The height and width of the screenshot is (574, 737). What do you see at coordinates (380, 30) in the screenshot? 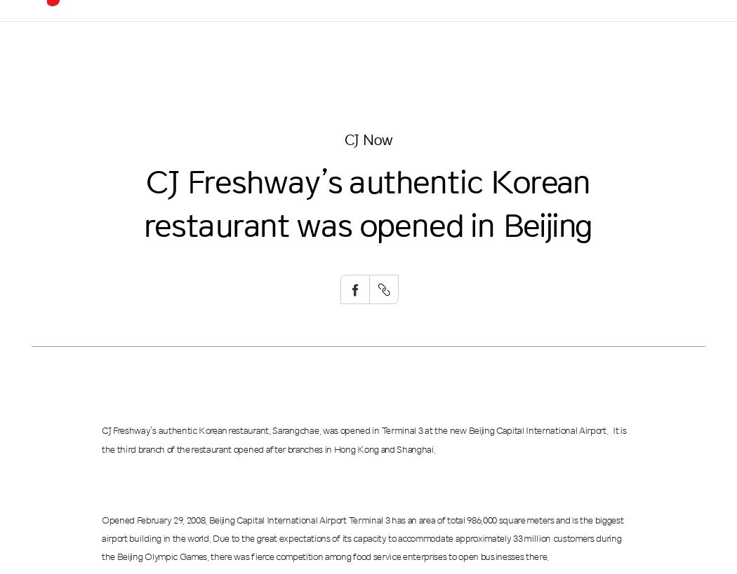
I see `'Sustainability'` at bounding box center [380, 30].